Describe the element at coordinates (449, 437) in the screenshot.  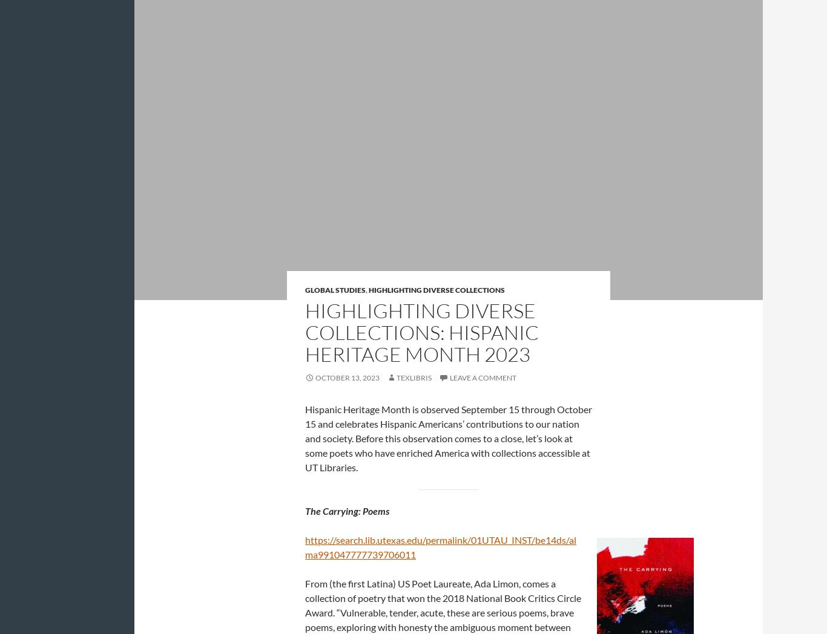
I see `'Hispanic Heritage Month is observed September 15 through October 15 and celebrates Hispanic Americans’ contributions to our nation and society. Before this observation comes to a close, let’s look at some poets who have enriched America with collections accessible at UT Libraries.'` at that location.